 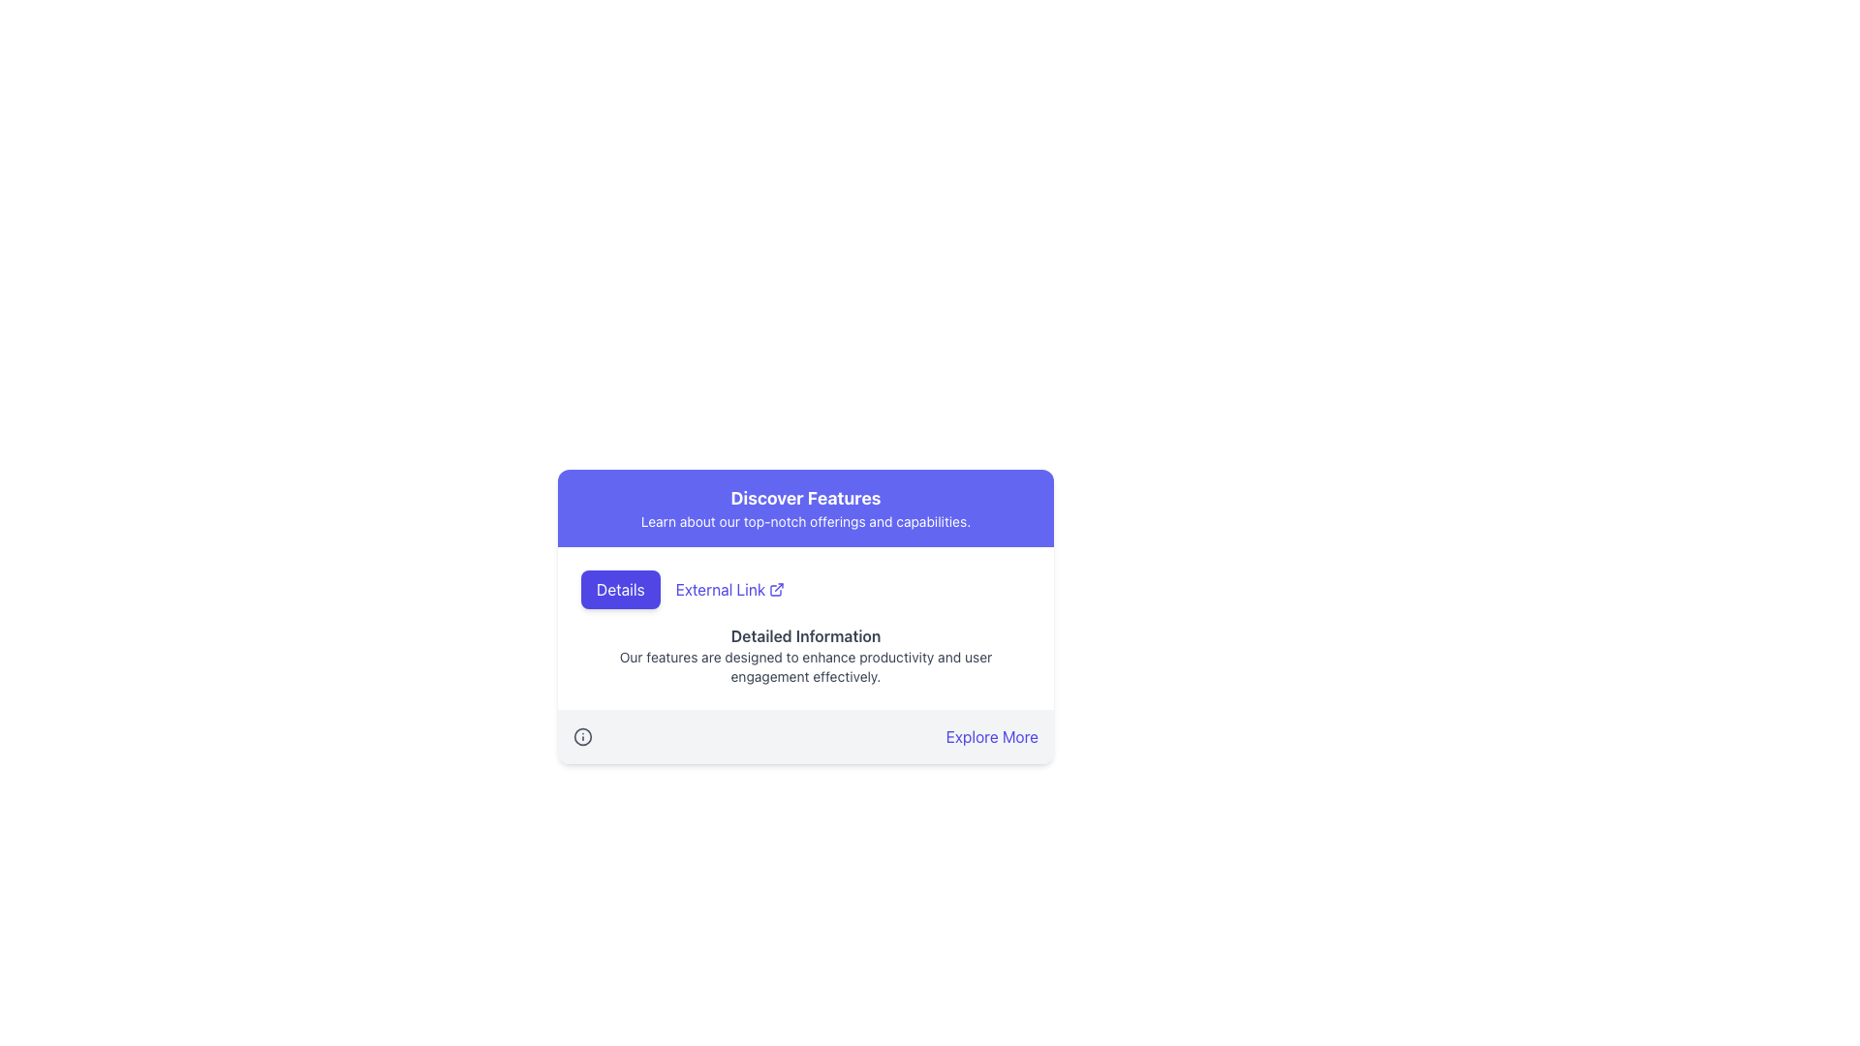 I want to click on the text block containing 'Our features are designed to enhance productivity and user engagement effectively.', so click(x=805, y=666).